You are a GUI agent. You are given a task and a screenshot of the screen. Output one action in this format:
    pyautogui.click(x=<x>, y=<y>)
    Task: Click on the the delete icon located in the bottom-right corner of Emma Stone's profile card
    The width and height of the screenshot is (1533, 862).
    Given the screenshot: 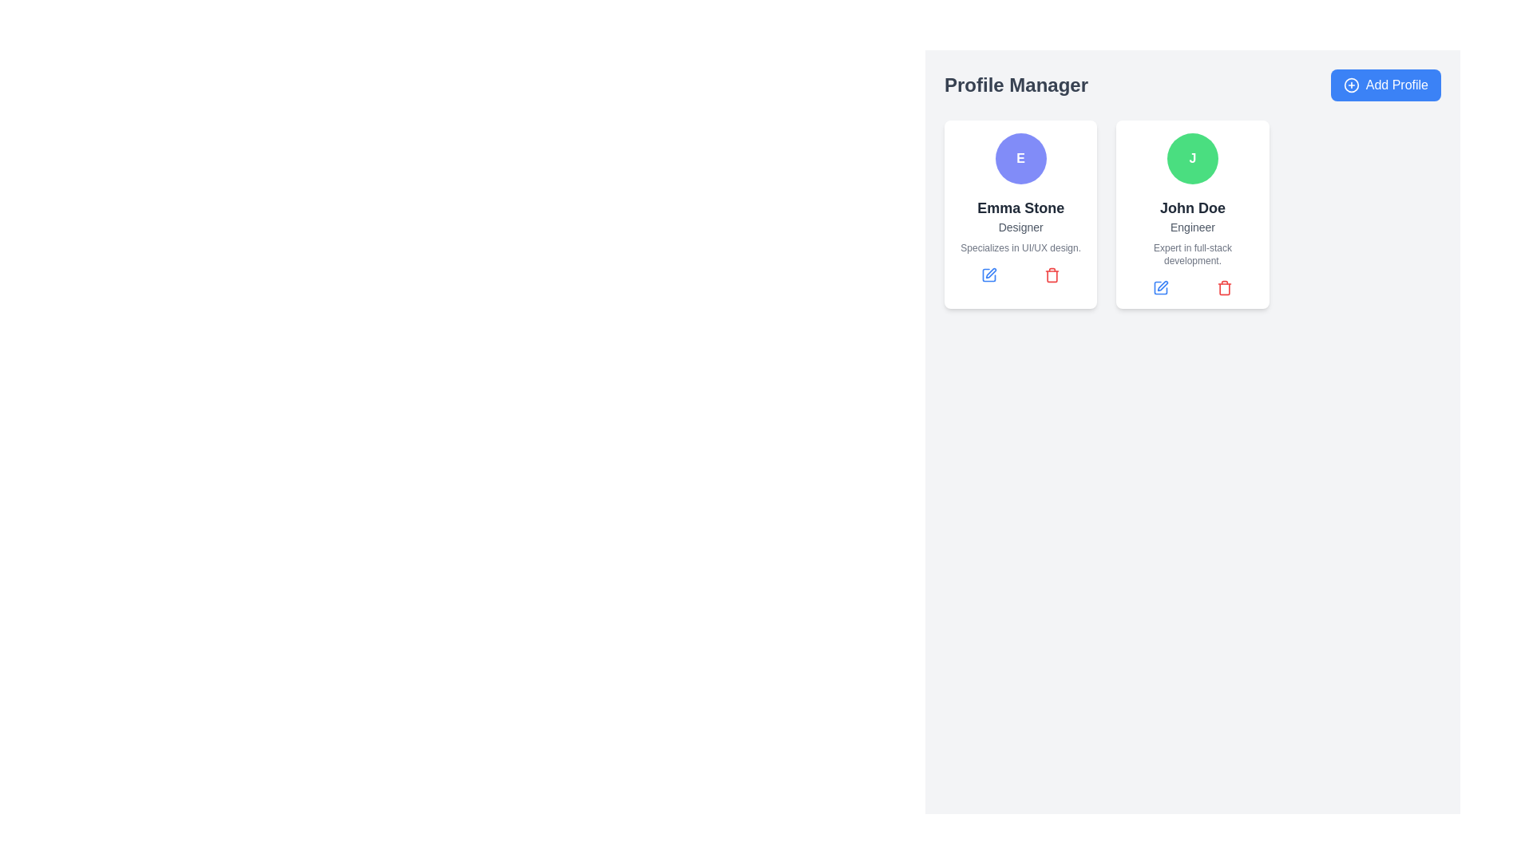 What is the action you would take?
    pyautogui.click(x=1052, y=274)
    